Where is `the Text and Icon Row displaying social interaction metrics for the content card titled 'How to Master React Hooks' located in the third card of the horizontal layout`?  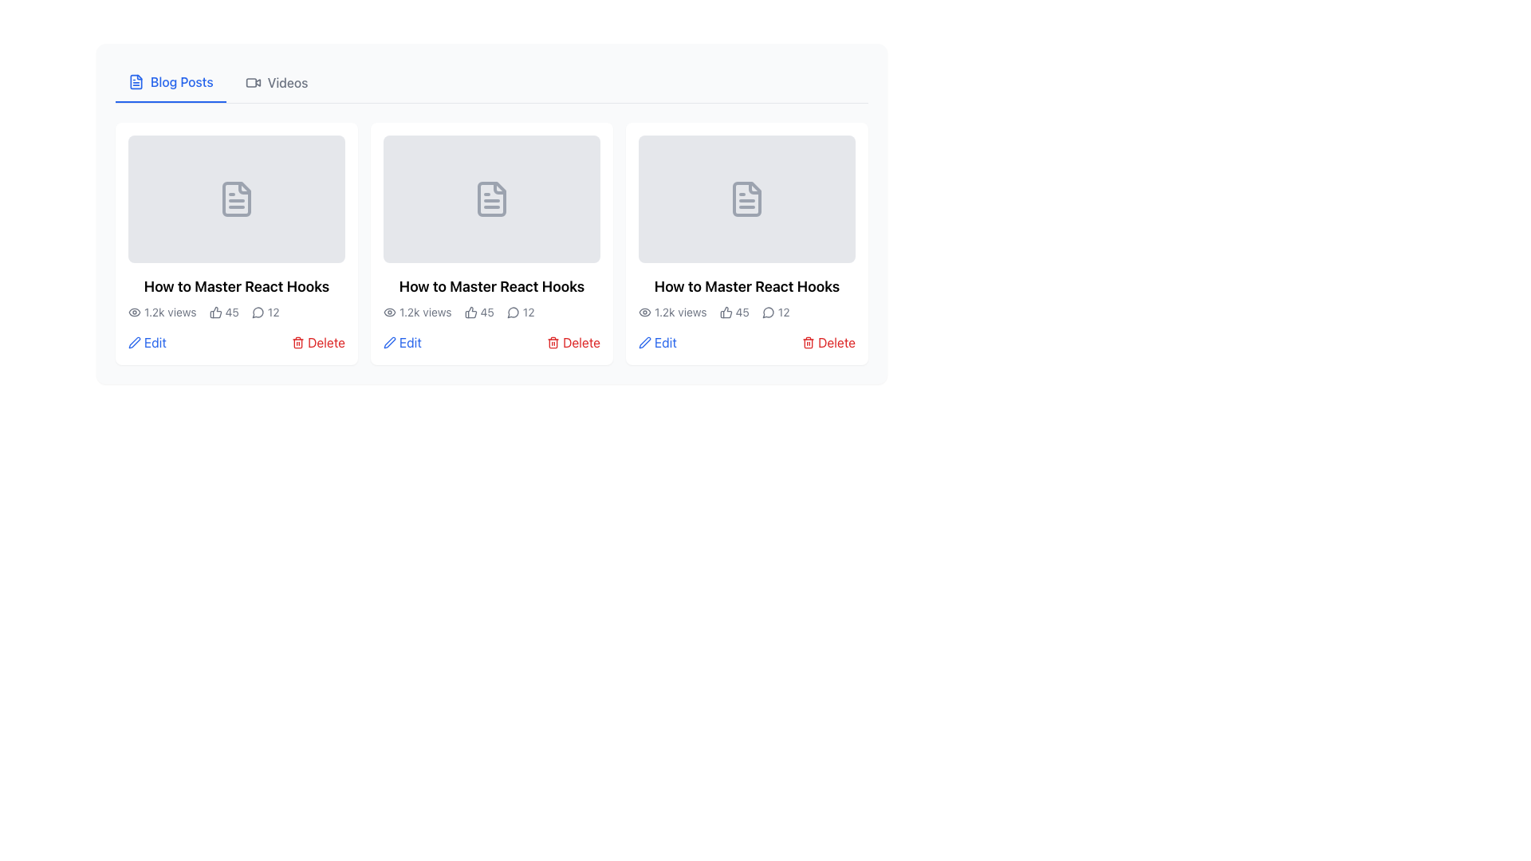 the Text and Icon Row displaying social interaction metrics for the content card titled 'How to Master React Hooks' located in the third card of the horizontal layout is located at coordinates (746, 313).